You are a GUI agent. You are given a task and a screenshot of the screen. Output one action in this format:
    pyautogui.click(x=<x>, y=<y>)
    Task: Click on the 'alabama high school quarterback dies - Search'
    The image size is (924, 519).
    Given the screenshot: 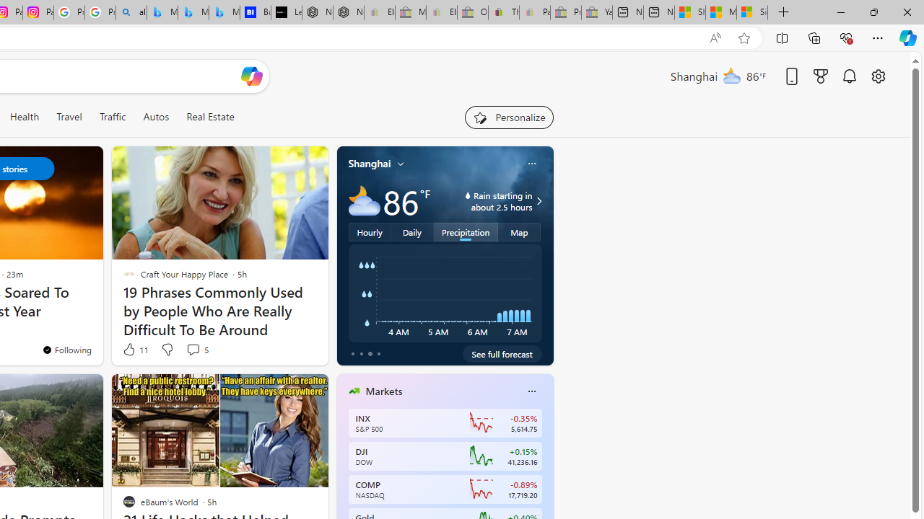 What is the action you would take?
    pyautogui.click(x=131, y=12)
    